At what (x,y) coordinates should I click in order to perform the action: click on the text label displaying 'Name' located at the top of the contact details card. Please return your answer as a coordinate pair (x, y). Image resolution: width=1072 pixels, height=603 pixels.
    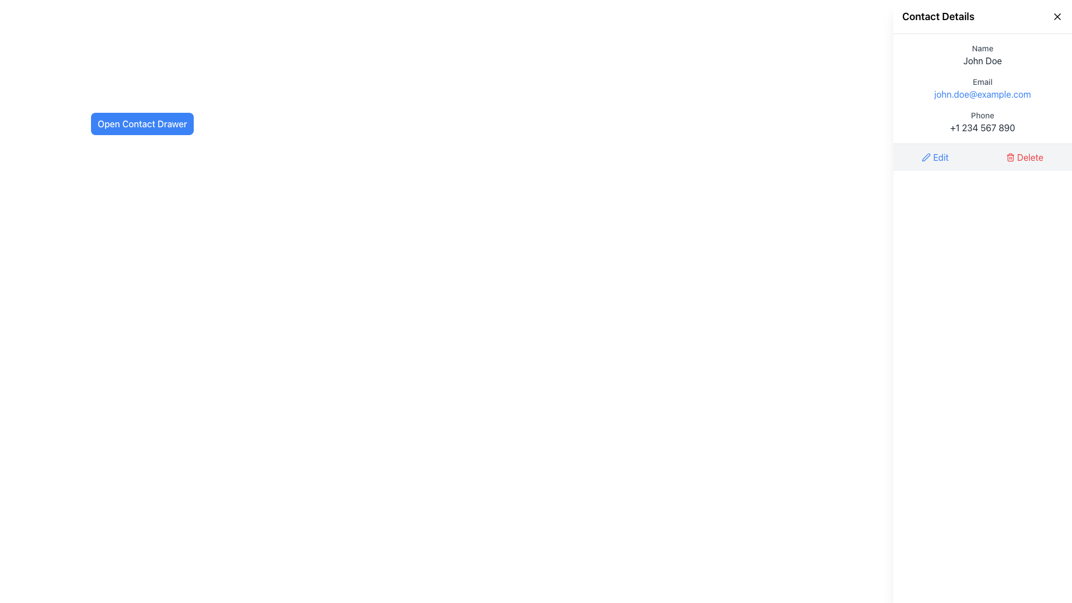
    Looking at the image, I should click on (983, 48).